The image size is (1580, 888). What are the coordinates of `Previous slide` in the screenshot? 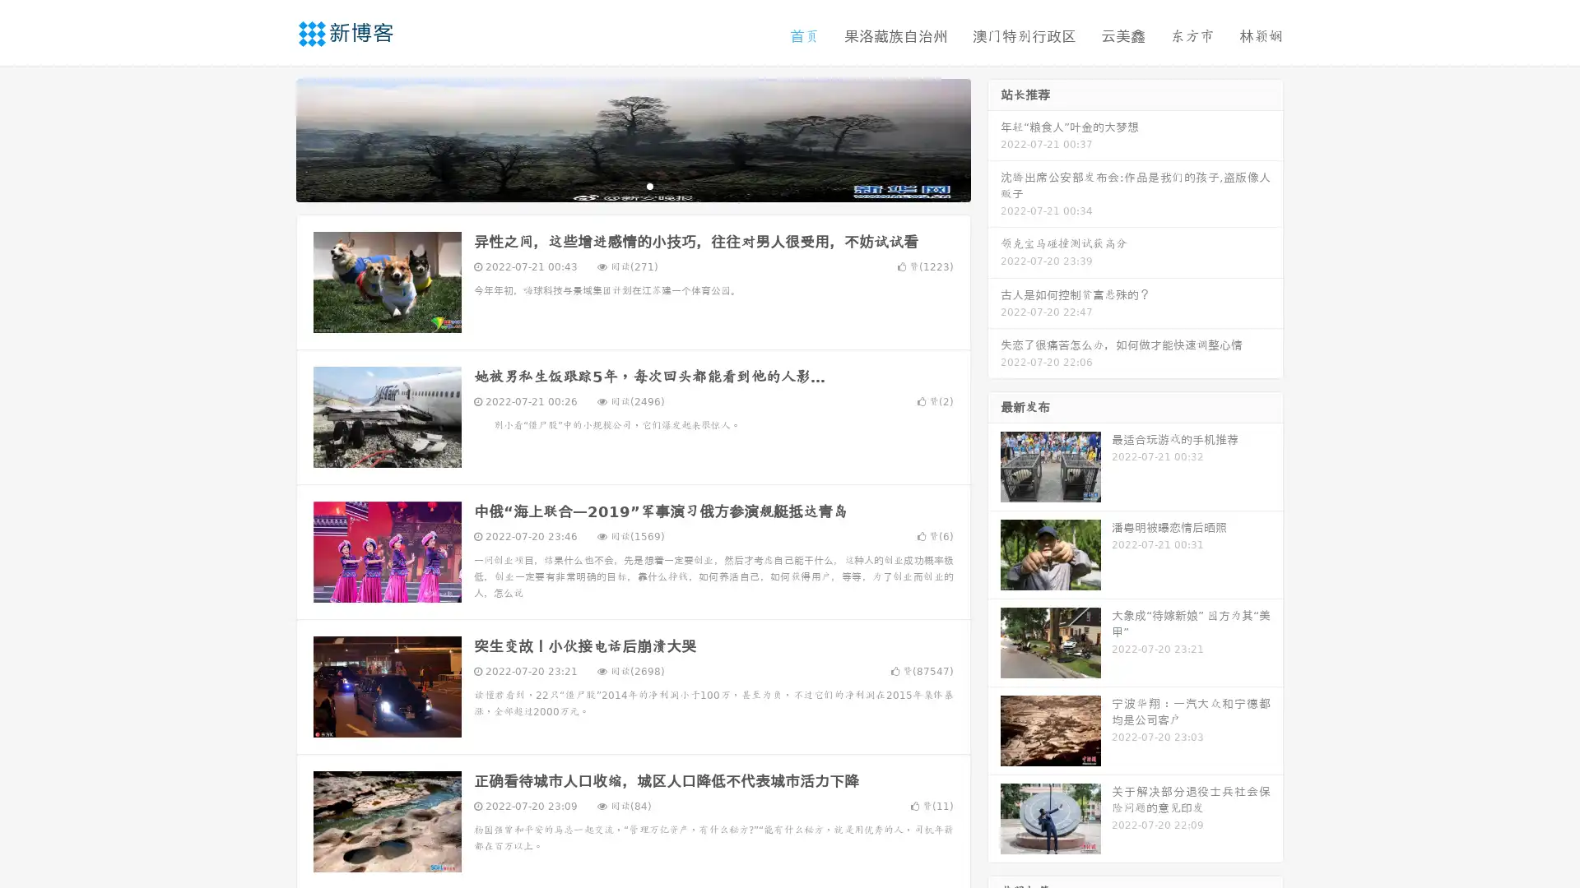 It's located at (272, 138).